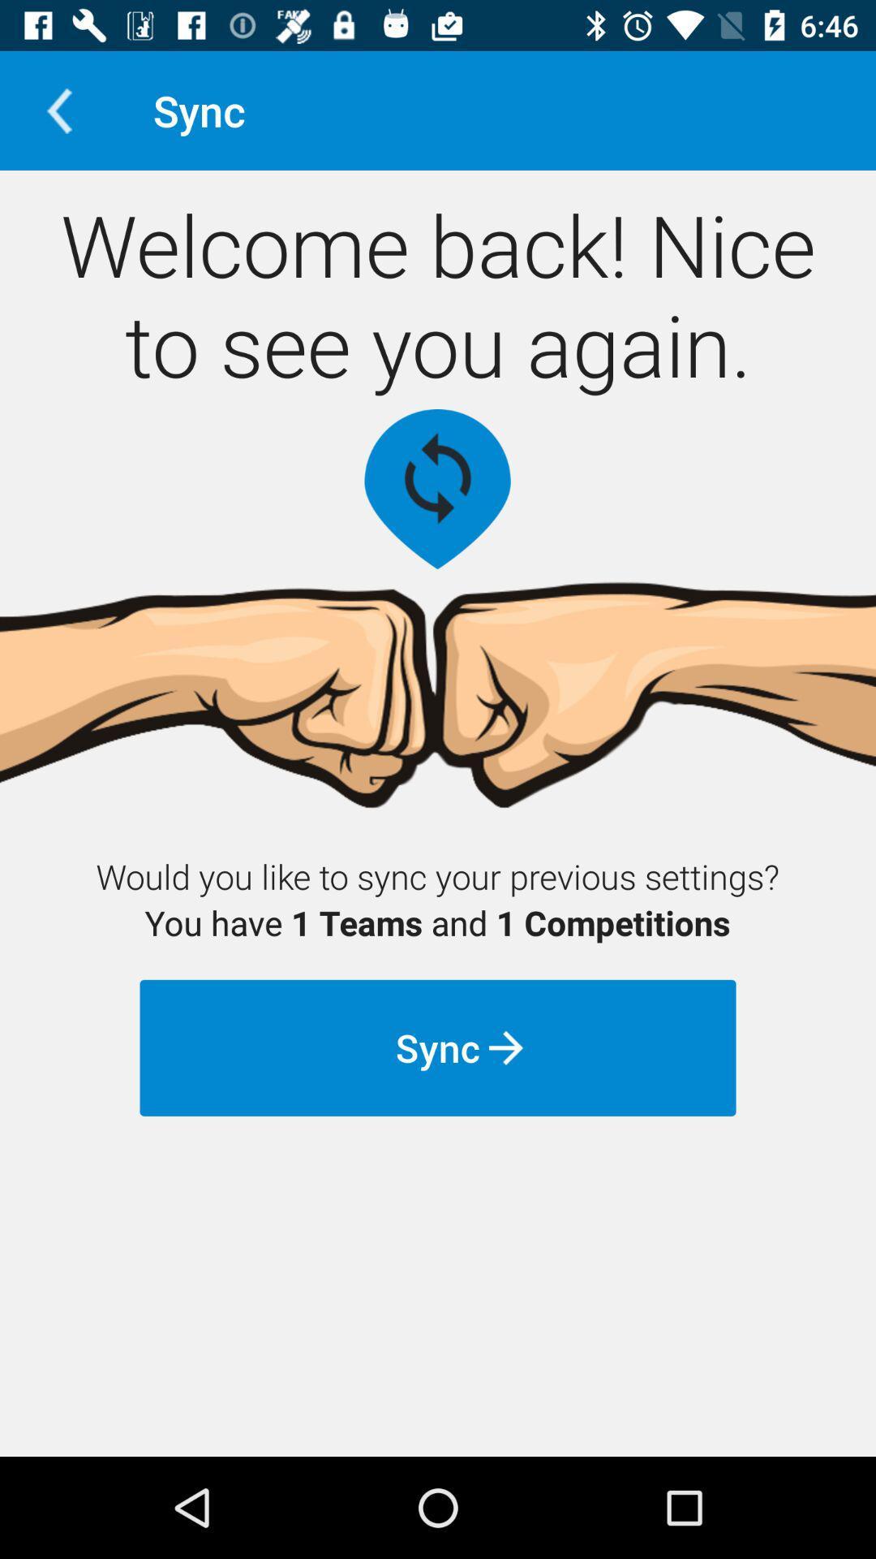 The height and width of the screenshot is (1559, 876). What do you see at coordinates (58, 110) in the screenshot?
I see `item above welcome back nice icon` at bounding box center [58, 110].